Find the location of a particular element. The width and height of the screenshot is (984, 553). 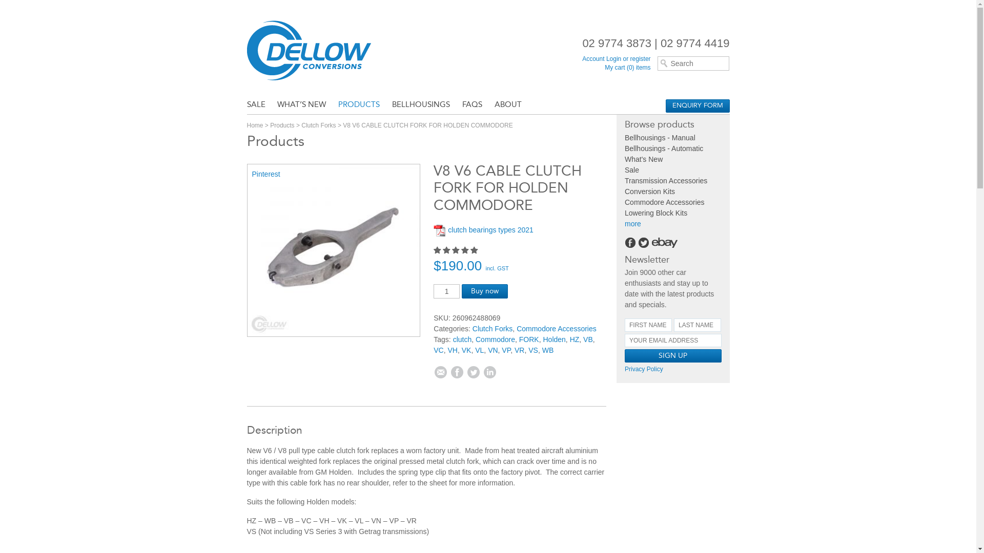

'Sign up' is located at coordinates (673, 355).